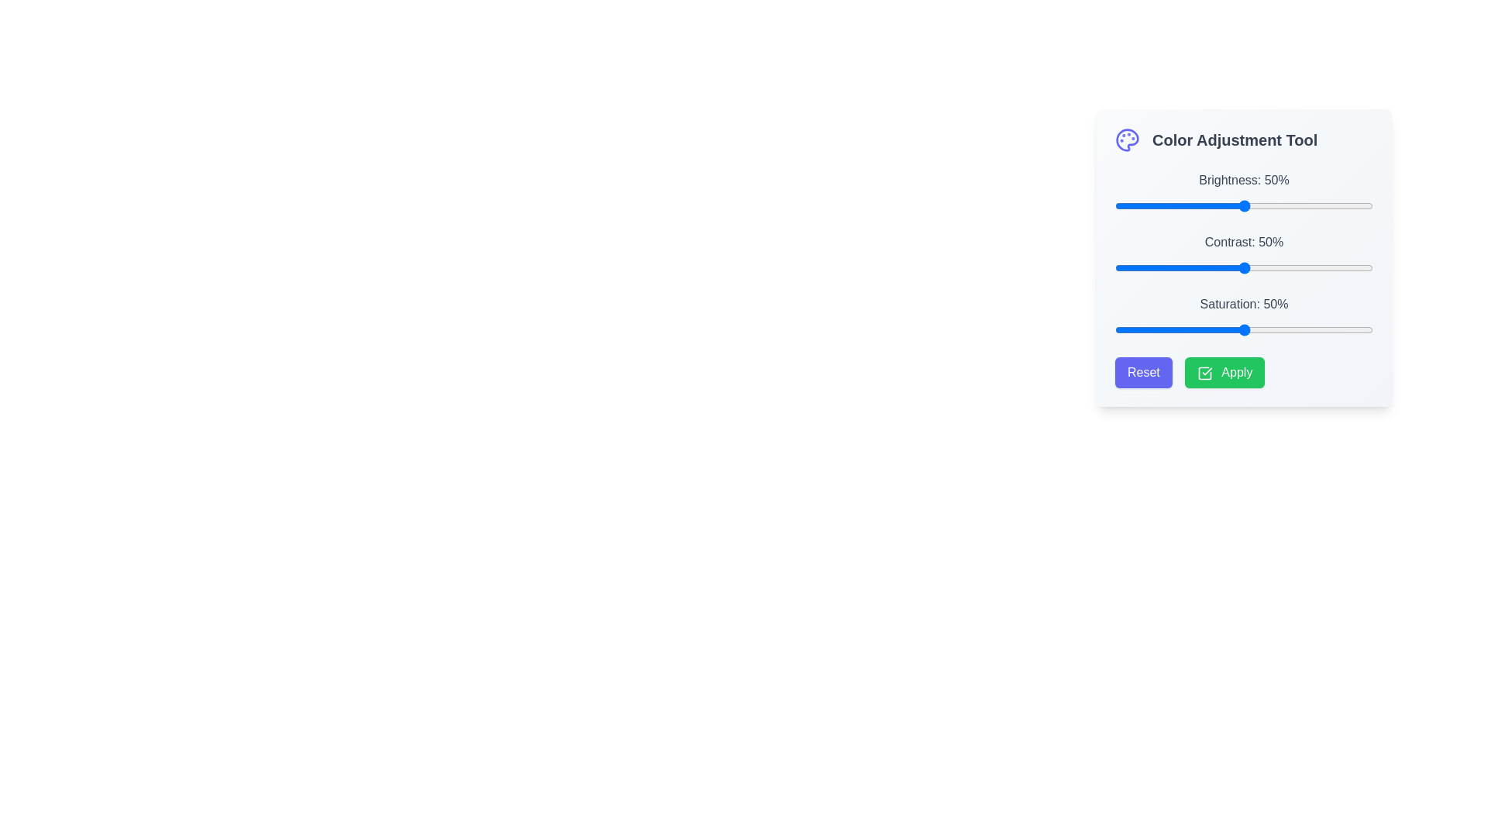 This screenshot has height=837, width=1488. Describe the element at coordinates (1218, 329) in the screenshot. I see `the slider` at that location.